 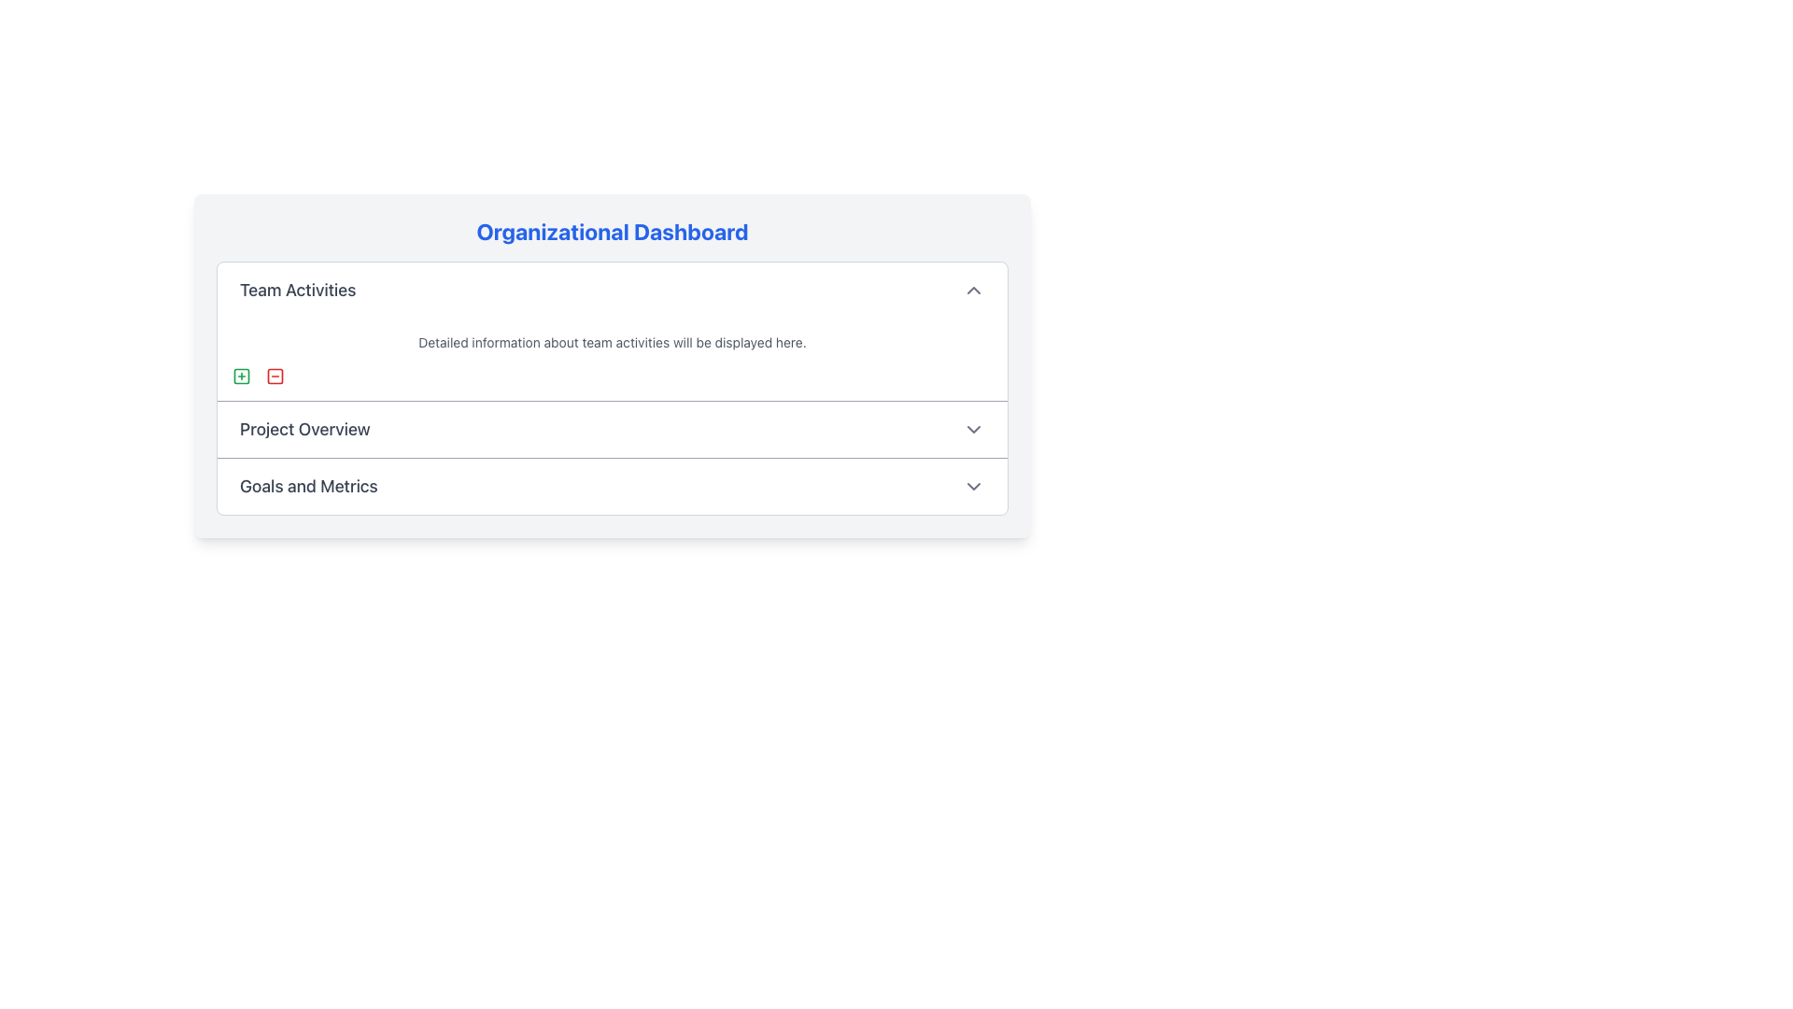 I want to click on the square red-bordered button with a minus sign located in the second position under the 'Team Activities' section of the dashboard, so click(x=274, y=376).